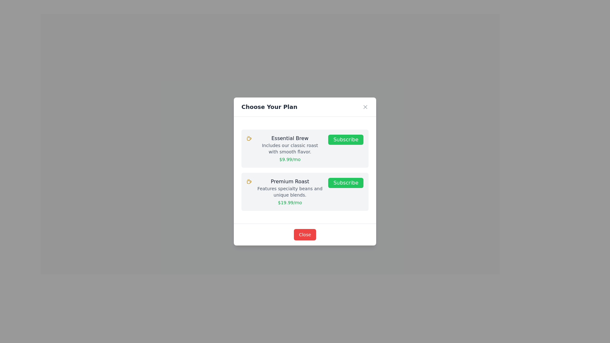 The width and height of the screenshot is (610, 343). Describe the element at coordinates (289, 159) in the screenshot. I see `the pricing information text for the 'Essential Brew' plan, located just below the descriptive text in the dialog box` at that location.